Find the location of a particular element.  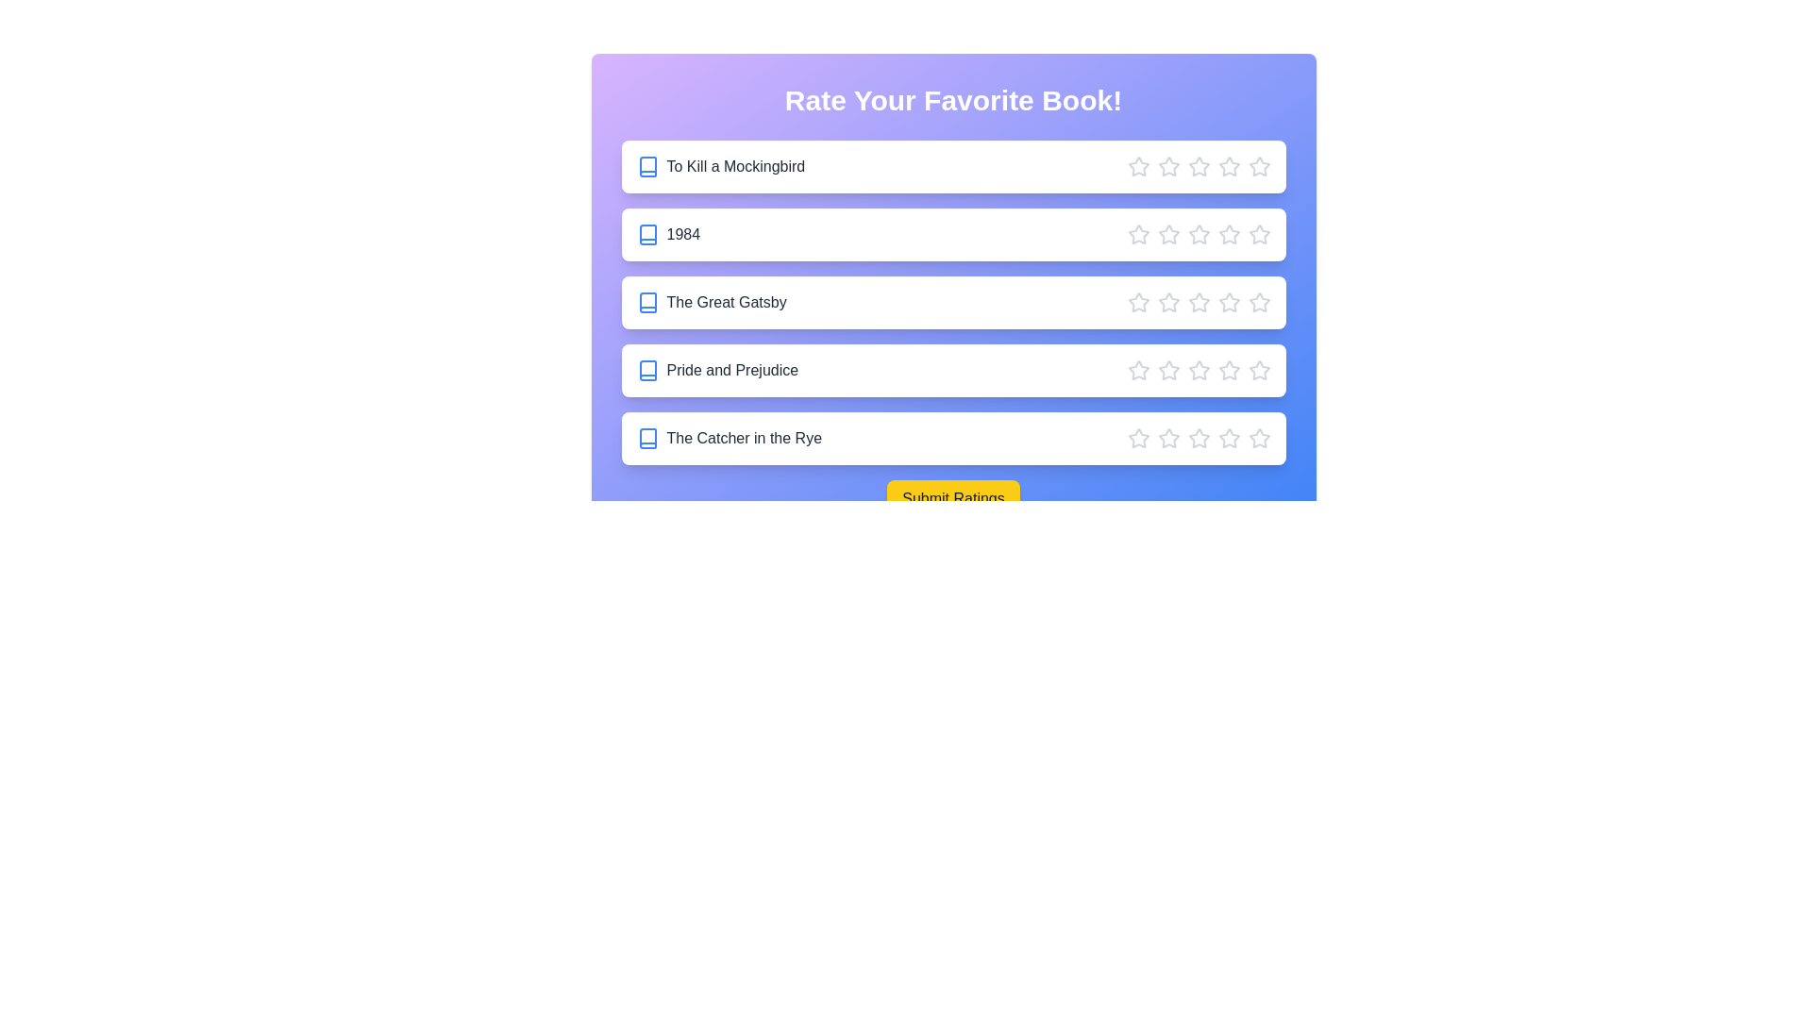

the star corresponding to 5 stars for the book Pride and Prejudice is located at coordinates (1259, 371).